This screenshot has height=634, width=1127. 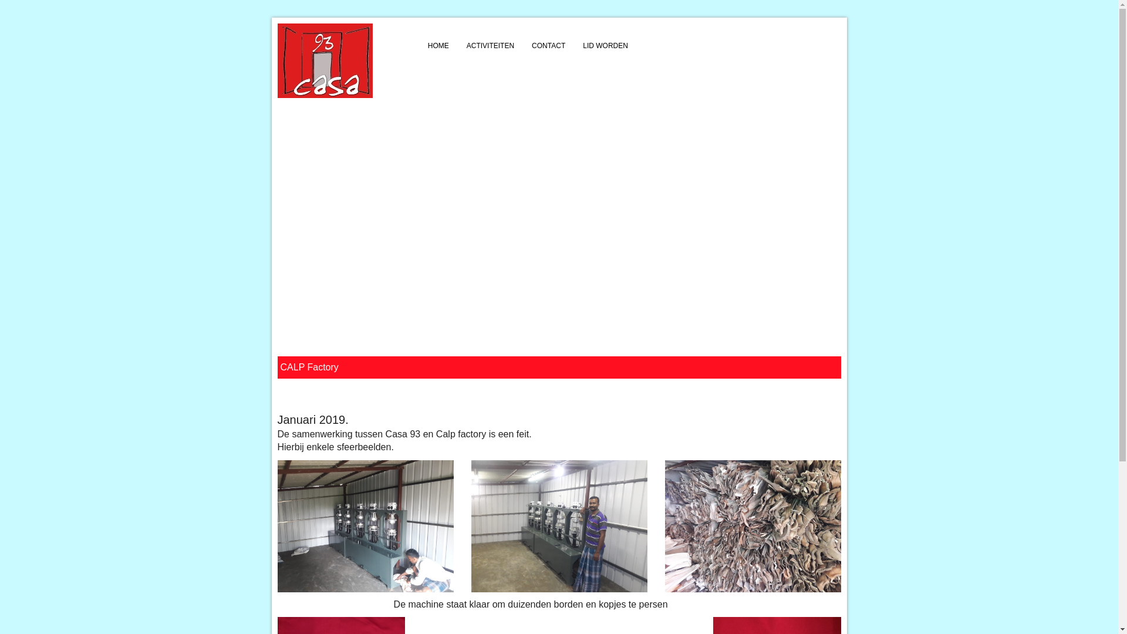 I want to click on 'CONTACT', so click(x=548, y=45).